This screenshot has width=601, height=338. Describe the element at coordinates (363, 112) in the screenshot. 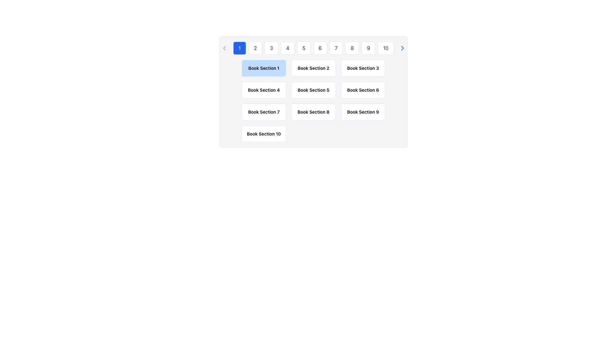

I see `the static text label displaying 'Book Section 9' located in the second row, third column of the grid structure` at that location.